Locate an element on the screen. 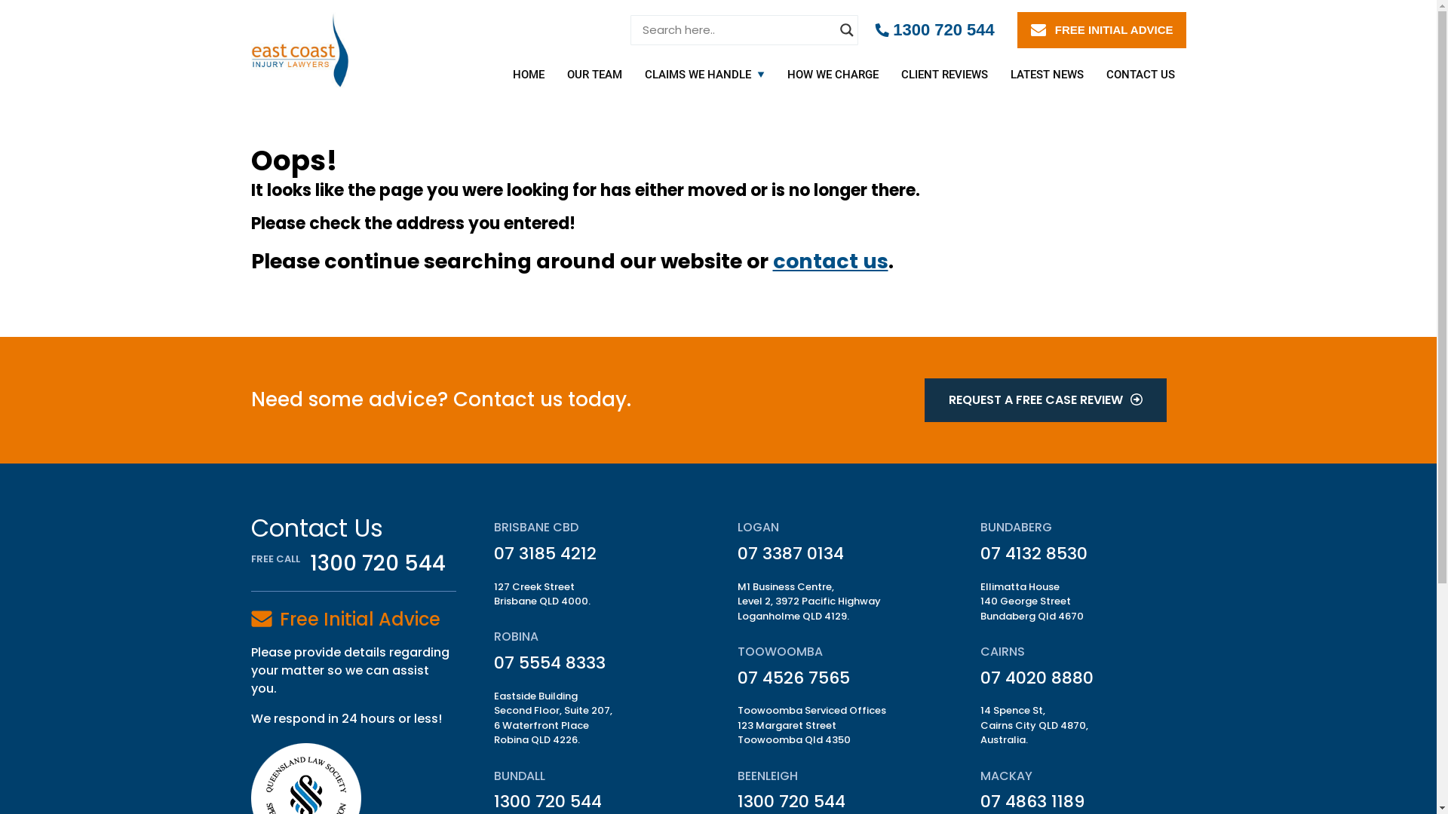  '07 5554 8333' is located at coordinates (549, 662).